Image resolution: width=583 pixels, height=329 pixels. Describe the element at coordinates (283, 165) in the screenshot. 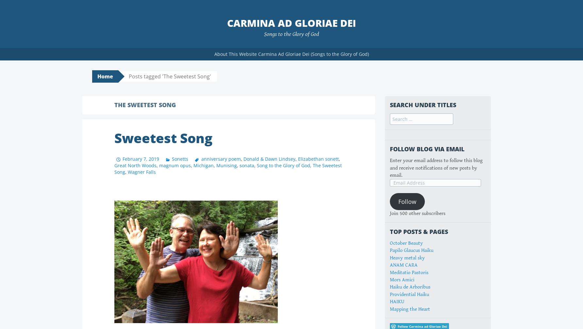

I see `'Song to the Glory of God'` at that location.